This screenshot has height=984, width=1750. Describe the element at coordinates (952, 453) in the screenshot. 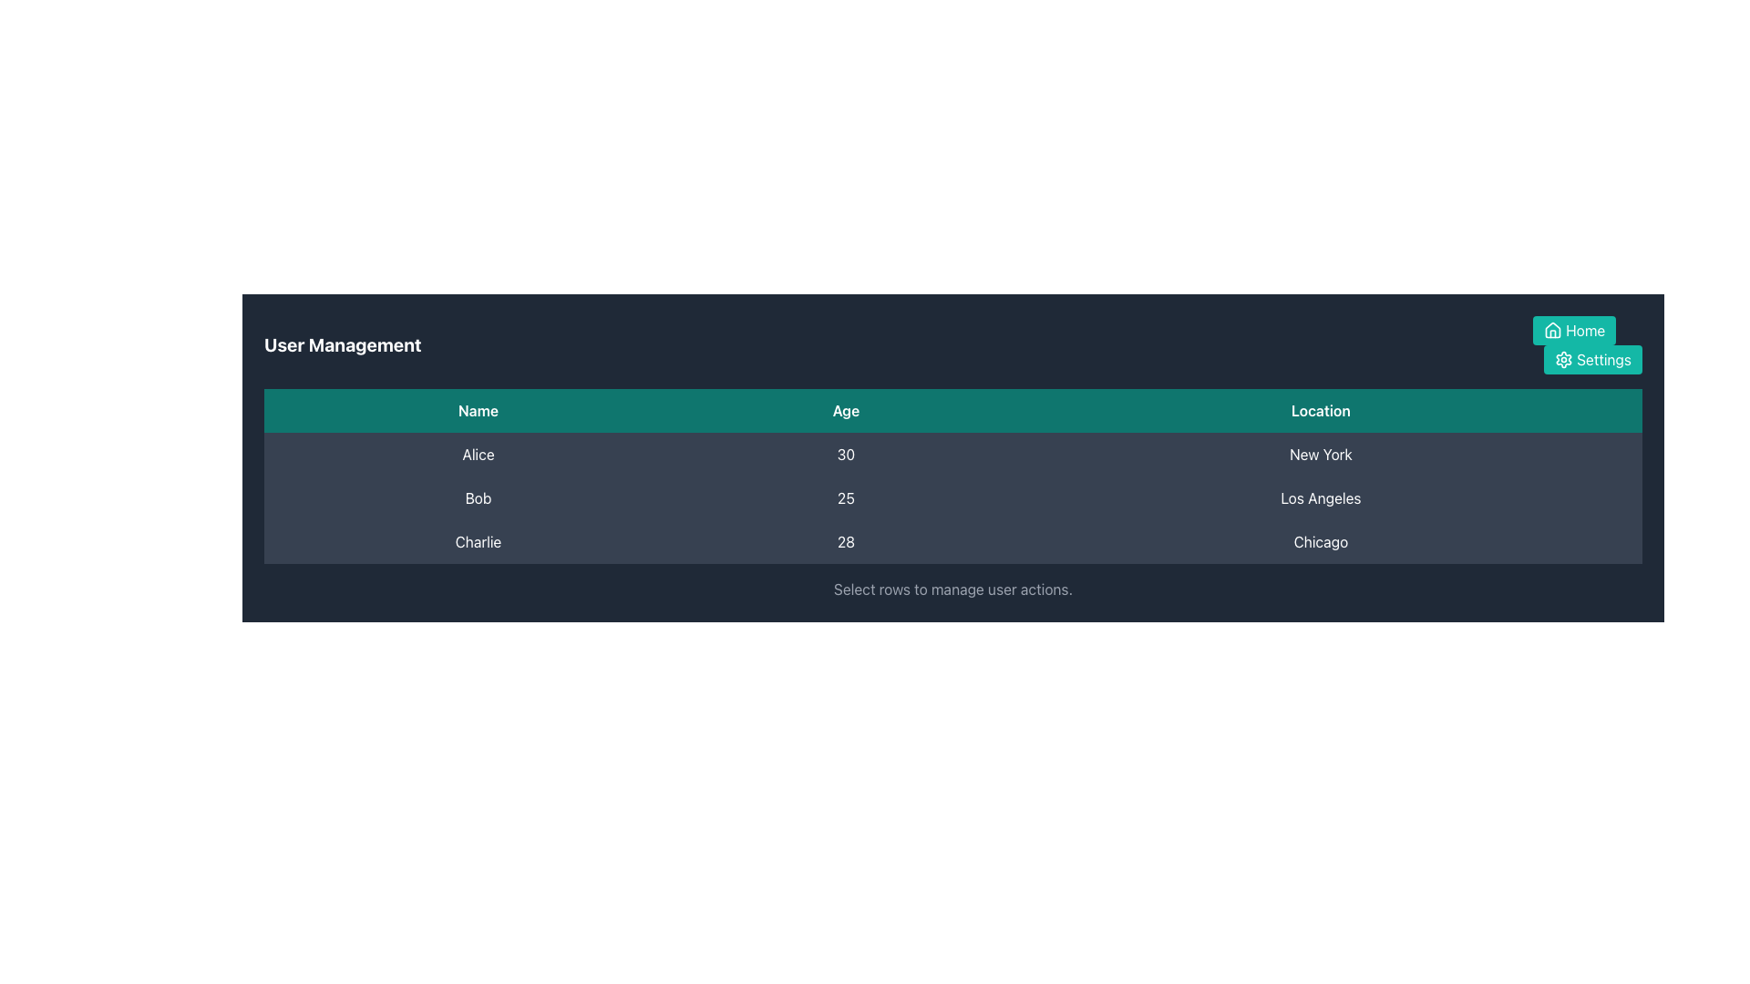

I see `the first row of the table displaying 'Alice', '30', and 'New York'` at that location.